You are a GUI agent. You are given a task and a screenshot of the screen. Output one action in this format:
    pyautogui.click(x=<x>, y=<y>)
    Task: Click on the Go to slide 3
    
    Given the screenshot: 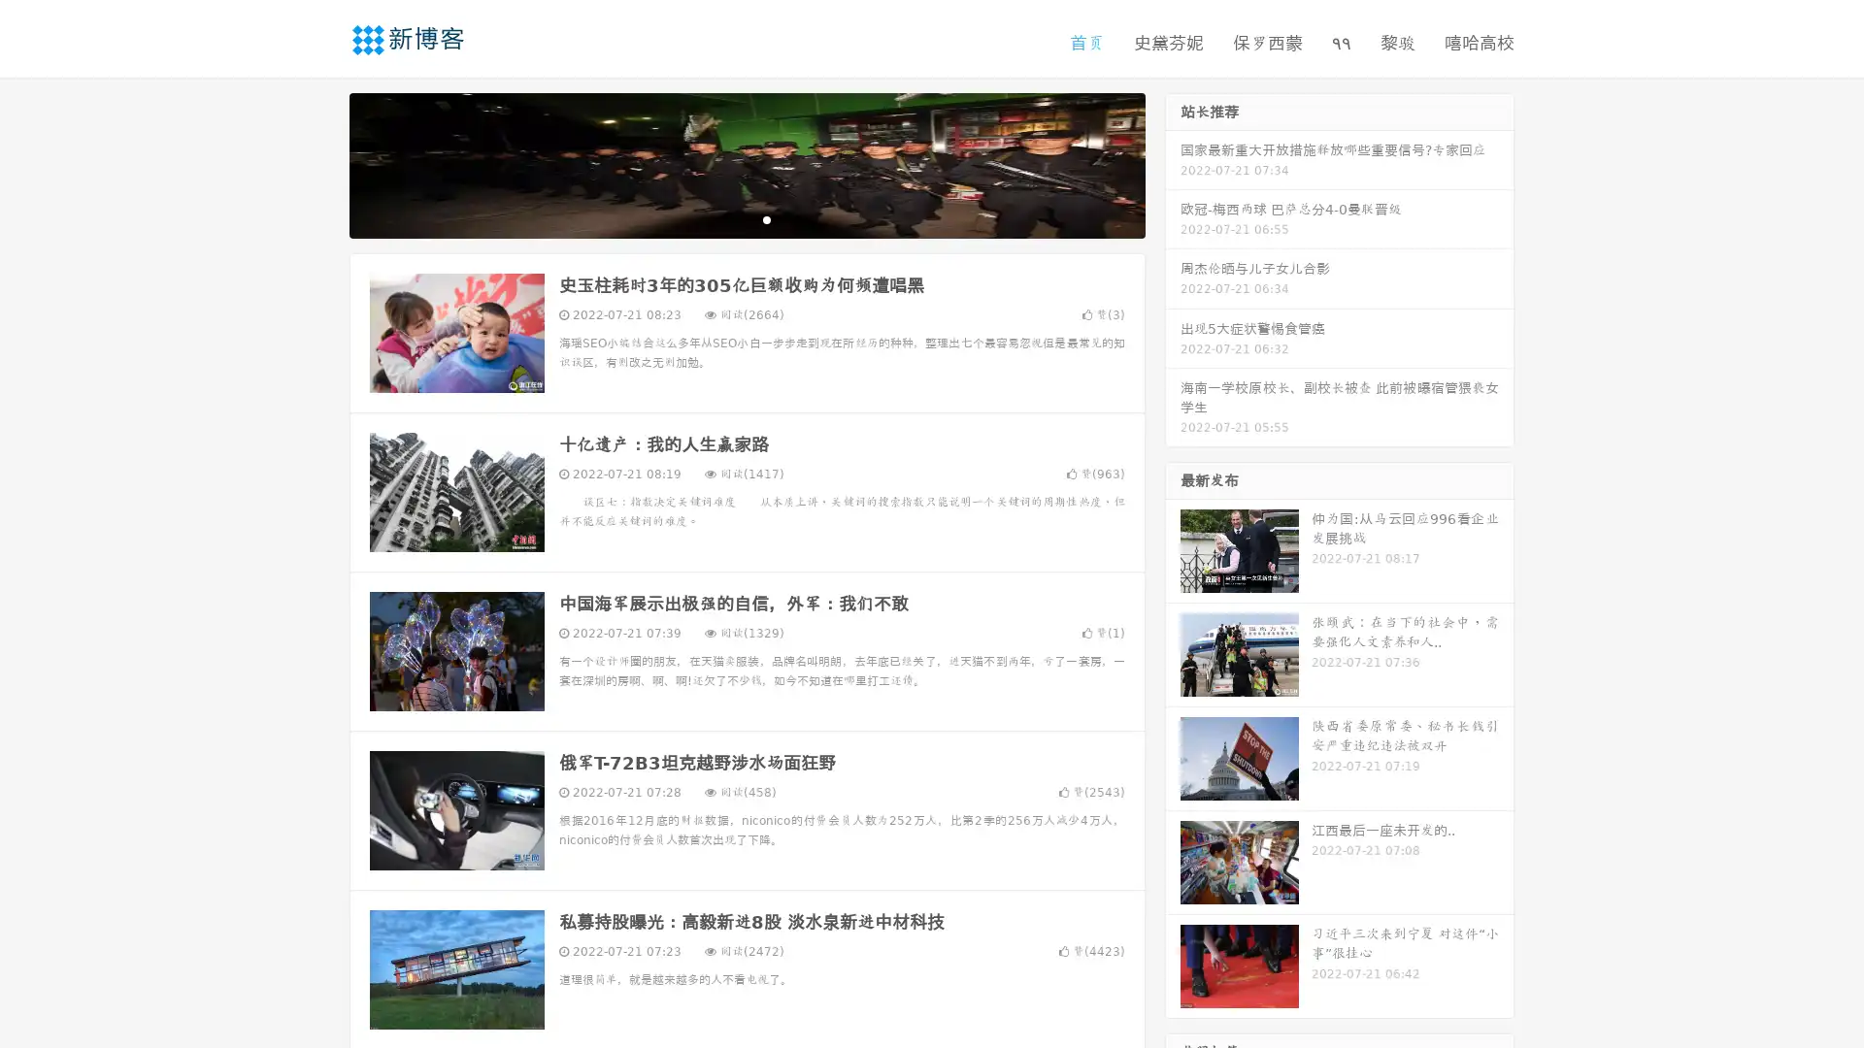 What is the action you would take?
    pyautogui.click(x=766, y=218)
    